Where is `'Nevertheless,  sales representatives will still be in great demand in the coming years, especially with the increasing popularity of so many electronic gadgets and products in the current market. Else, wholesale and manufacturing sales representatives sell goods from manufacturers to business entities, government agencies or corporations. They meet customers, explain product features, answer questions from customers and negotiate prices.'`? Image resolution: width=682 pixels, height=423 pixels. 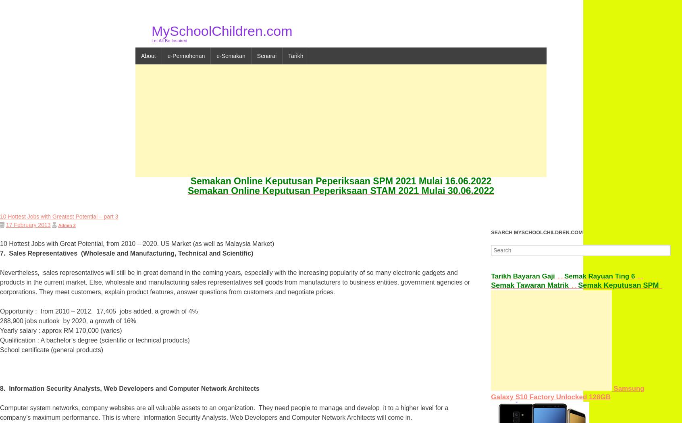
'Nevertheless,  sales representatives will still be in great demand in the coming years, especially with the increasing popularity of so many electronic gadgets and products in the current market. Else, wholesale and manufacturing sales representatives sell goods from manufacturers to business entities, government agencies or corporations. They meet customers, explain product features, answer questions from customers and negotiate prices.' is located at coordinates (234, 282).